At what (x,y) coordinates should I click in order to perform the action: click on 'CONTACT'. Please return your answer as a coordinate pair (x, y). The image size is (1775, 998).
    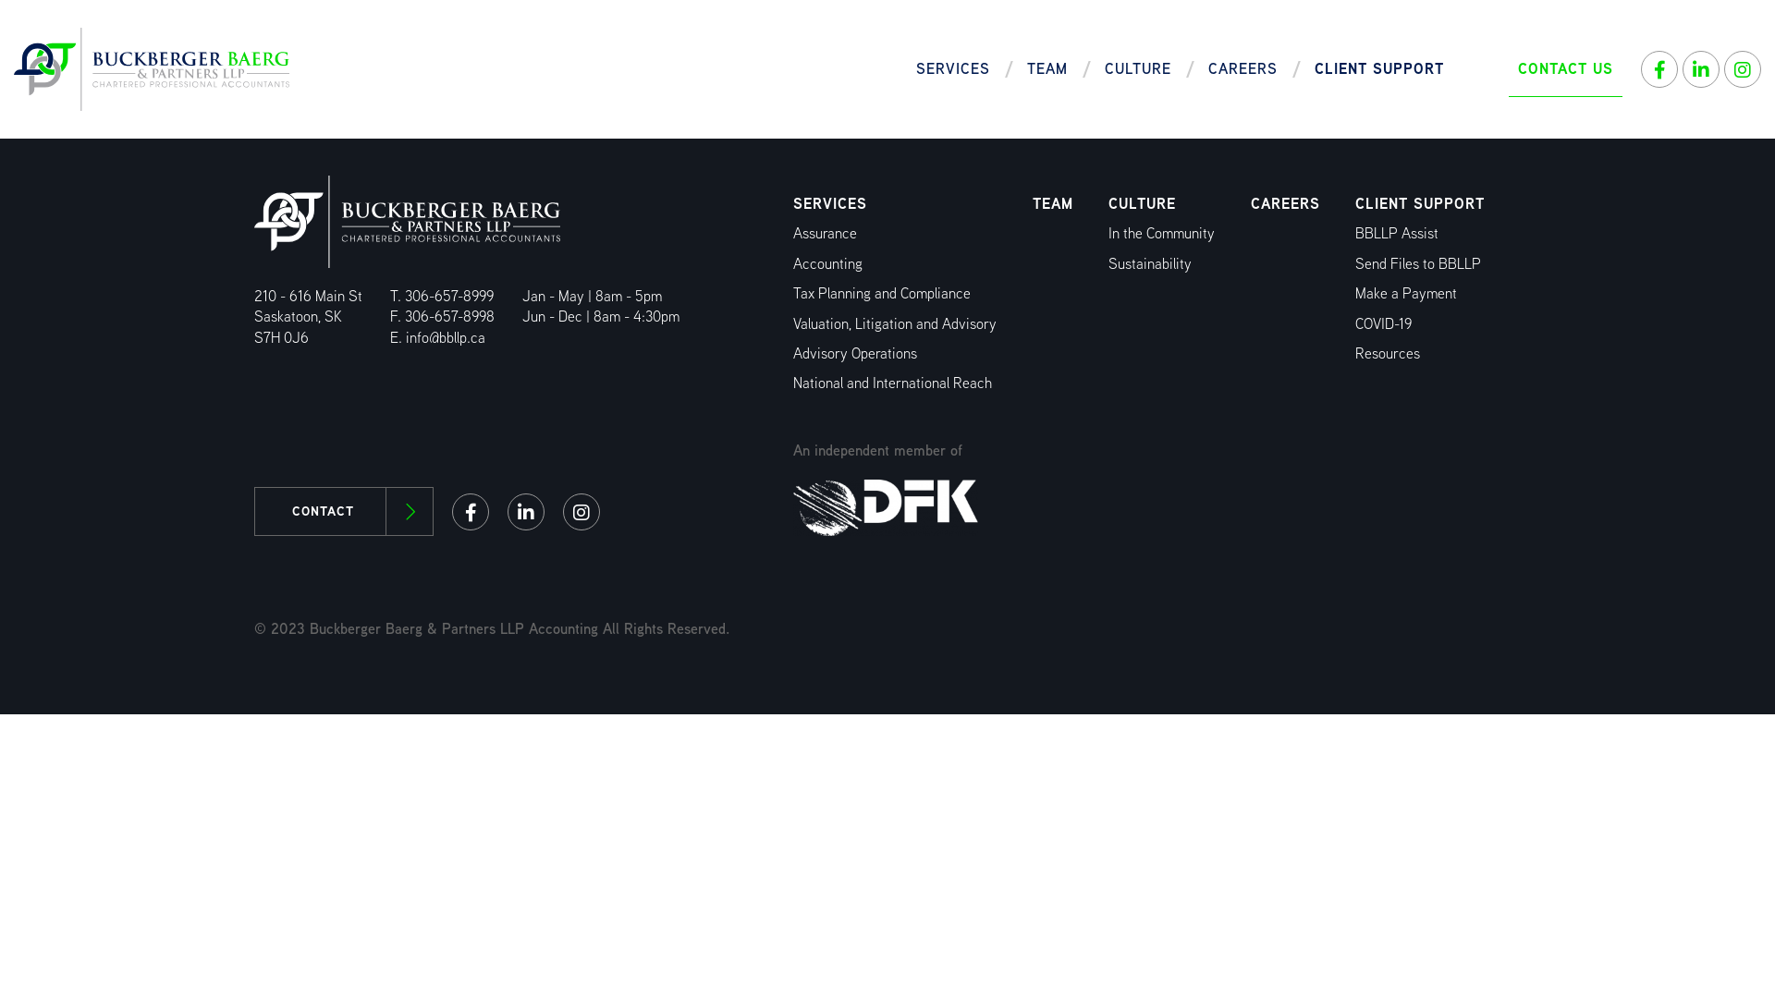
    Looking at the image, I should click on (343, 511).